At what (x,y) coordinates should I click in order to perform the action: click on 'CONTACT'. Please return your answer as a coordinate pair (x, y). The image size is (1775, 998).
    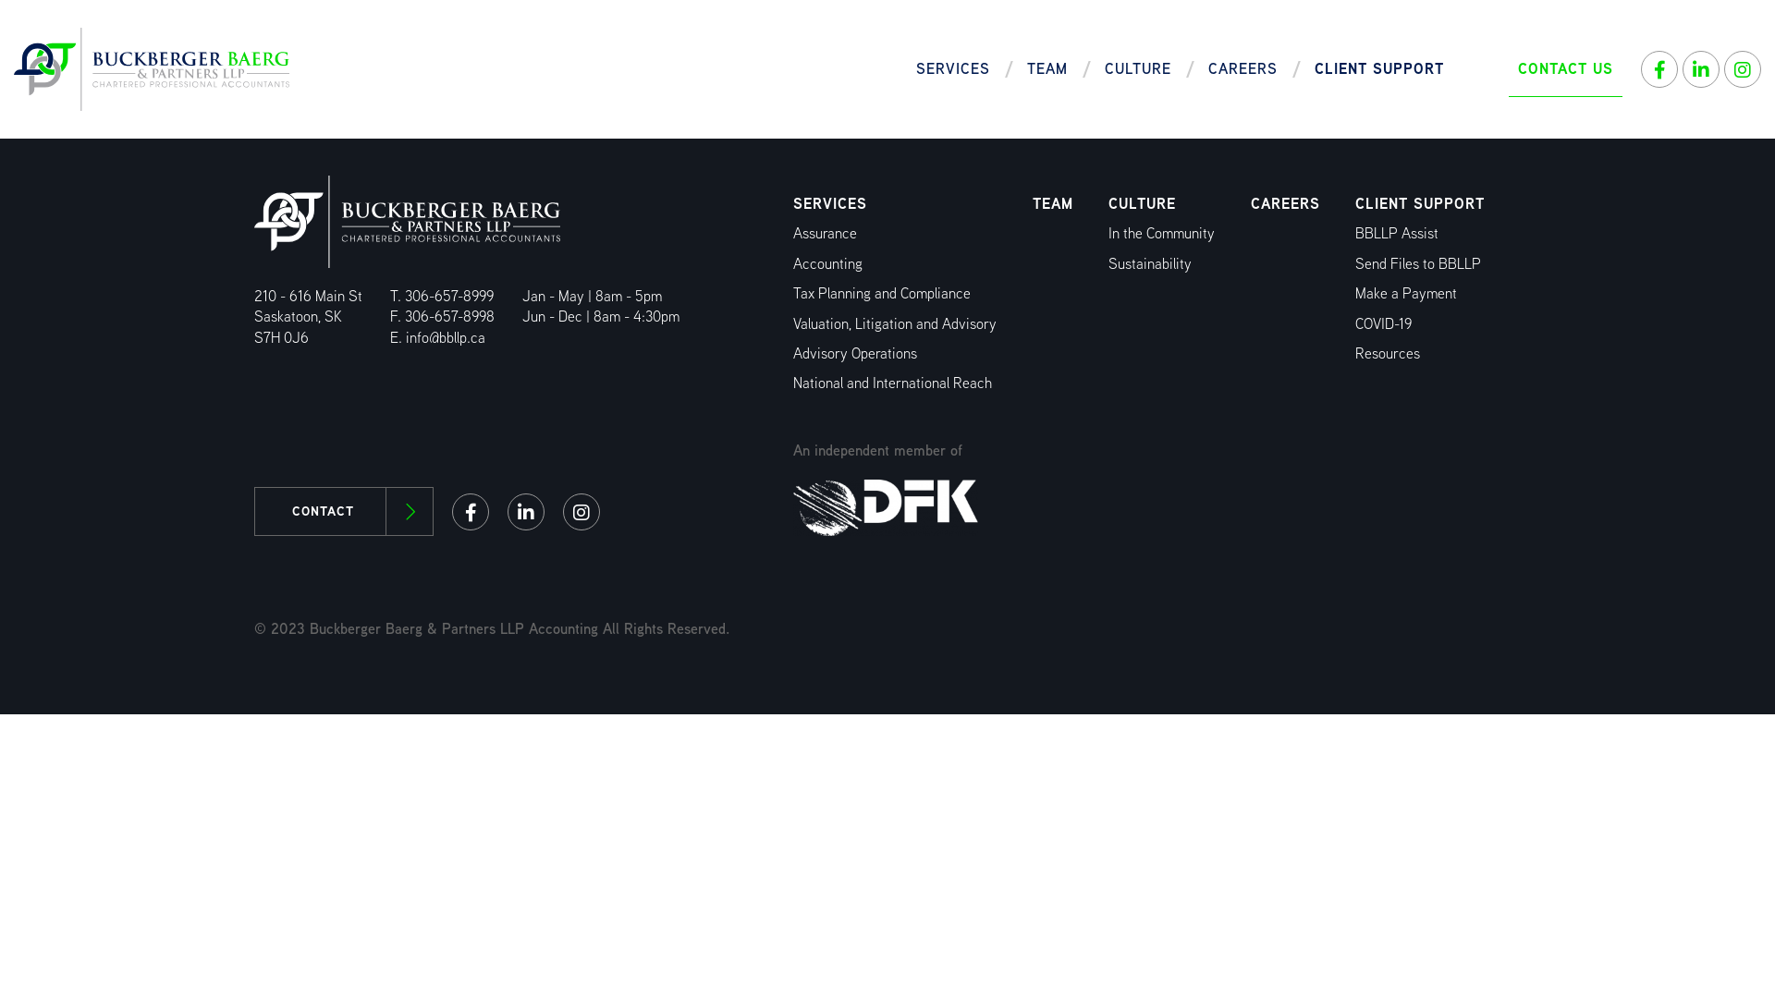
    Looking at the image, I should click on (343, 511).